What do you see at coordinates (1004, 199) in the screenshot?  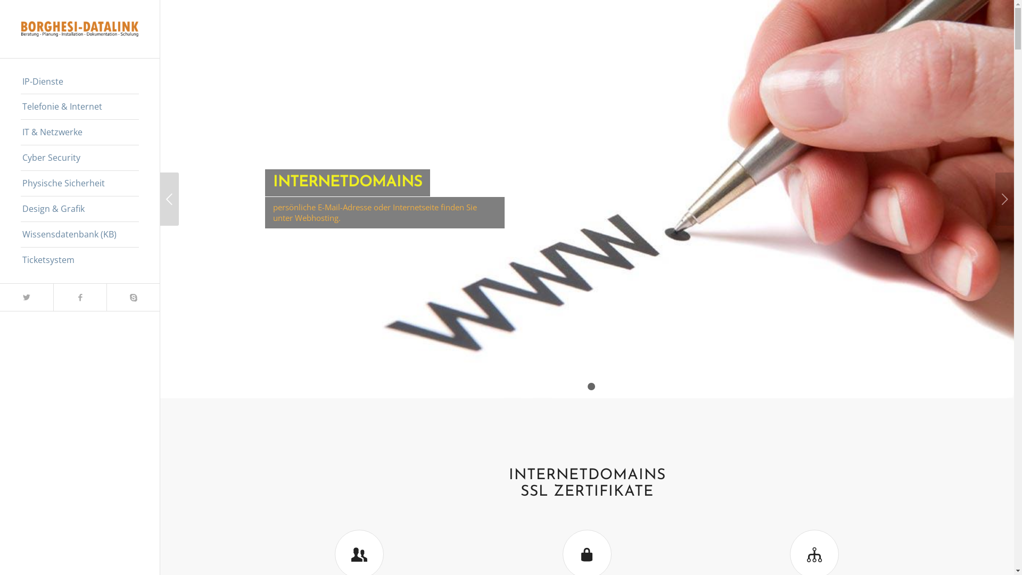 I see `'Weiter'` at bounding box center [1004, 199].